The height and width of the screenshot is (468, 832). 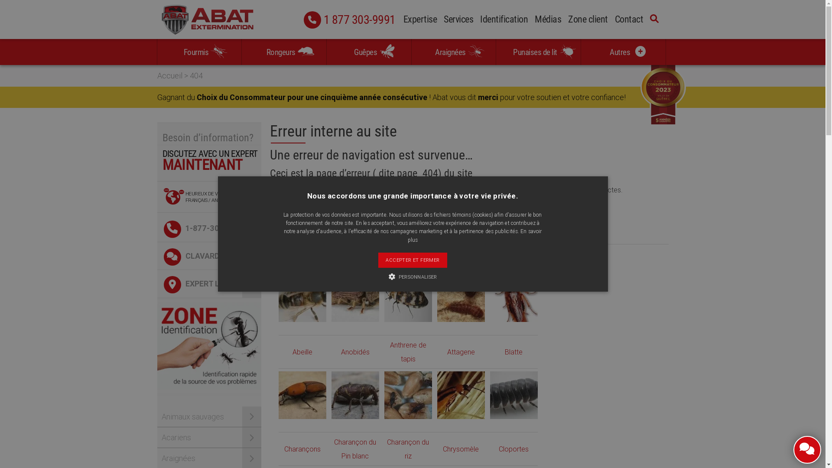 I want to click on 'Punaises de lit', so click(x=538, y=52).